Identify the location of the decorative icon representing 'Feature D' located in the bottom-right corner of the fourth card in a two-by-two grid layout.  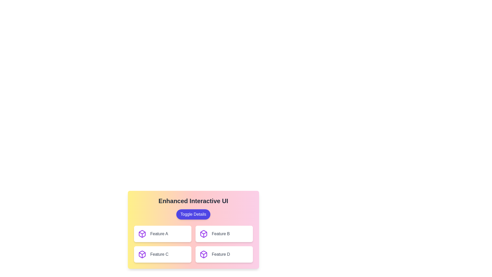
(203, 254).